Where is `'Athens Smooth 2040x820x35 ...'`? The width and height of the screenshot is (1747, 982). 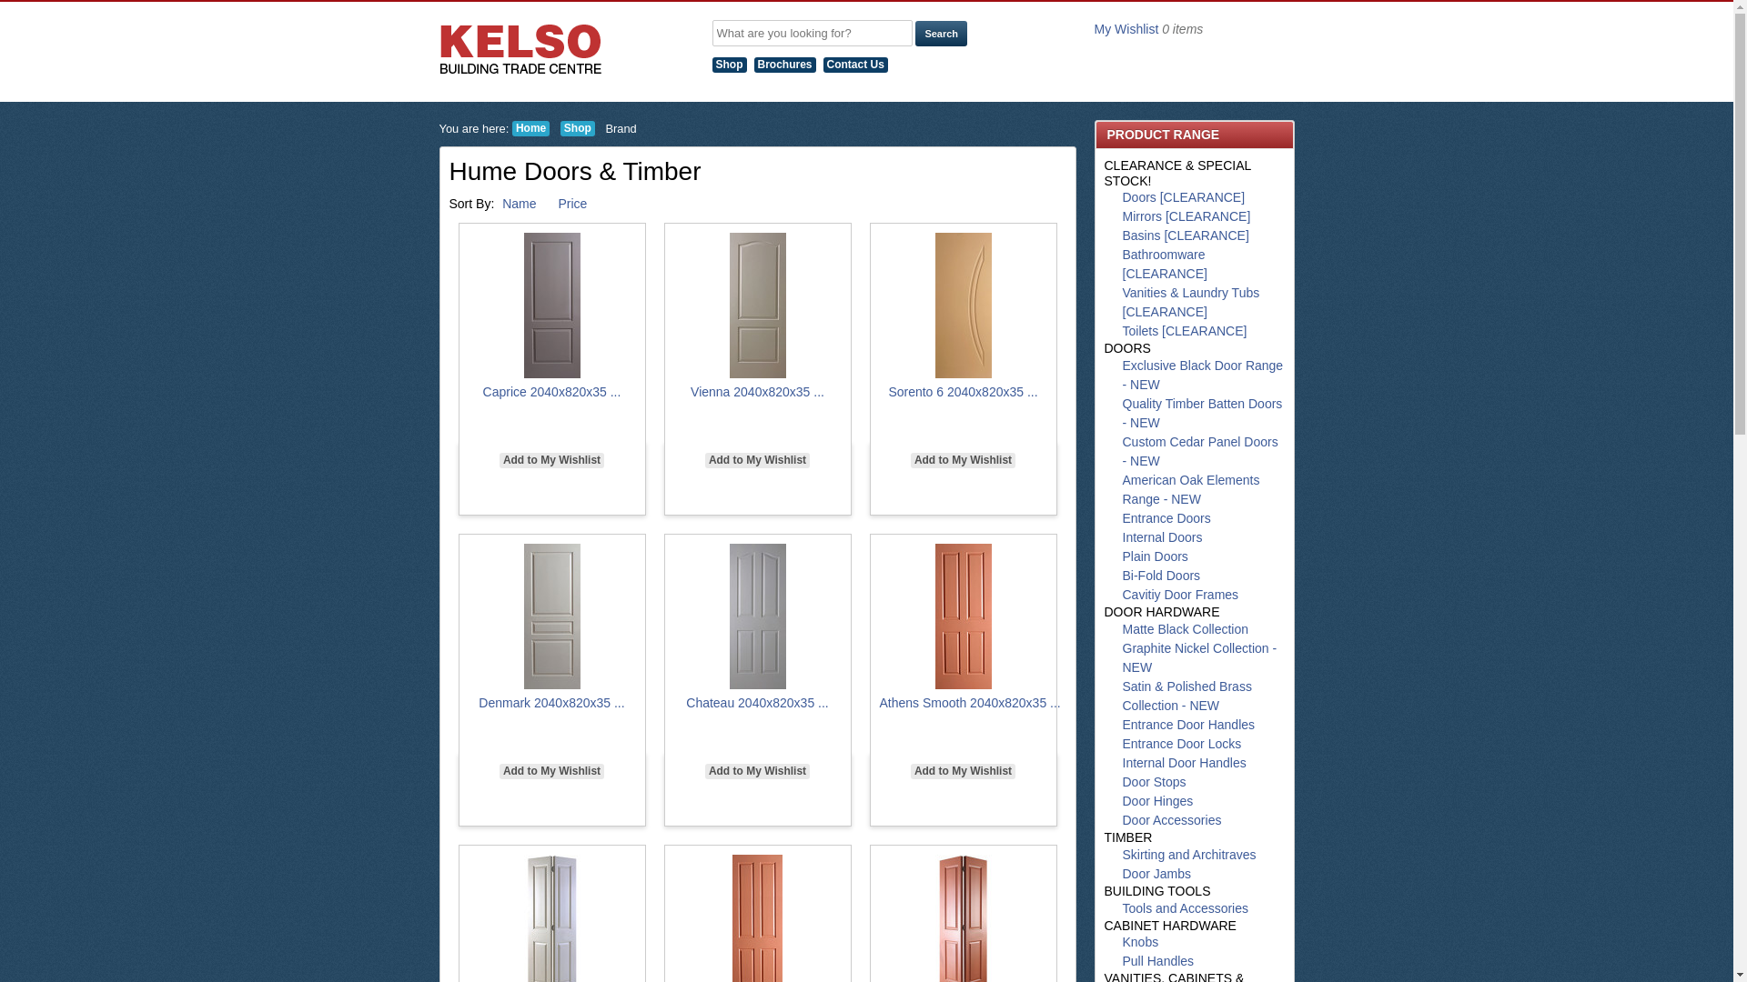
'Athens Smooth 2040x820x35 ...' is located at coordinates (878, 701).